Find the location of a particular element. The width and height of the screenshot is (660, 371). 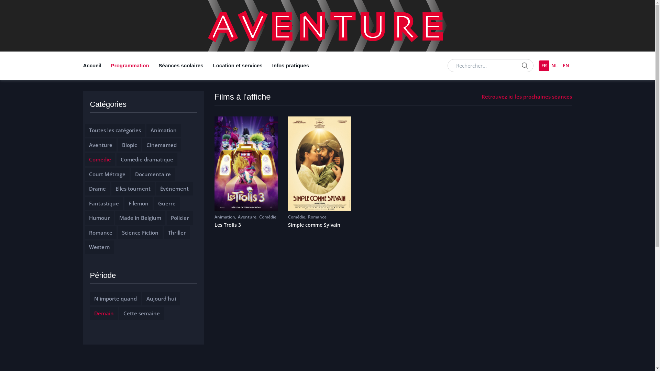

'Romance' is located at coordinates (317, 217).